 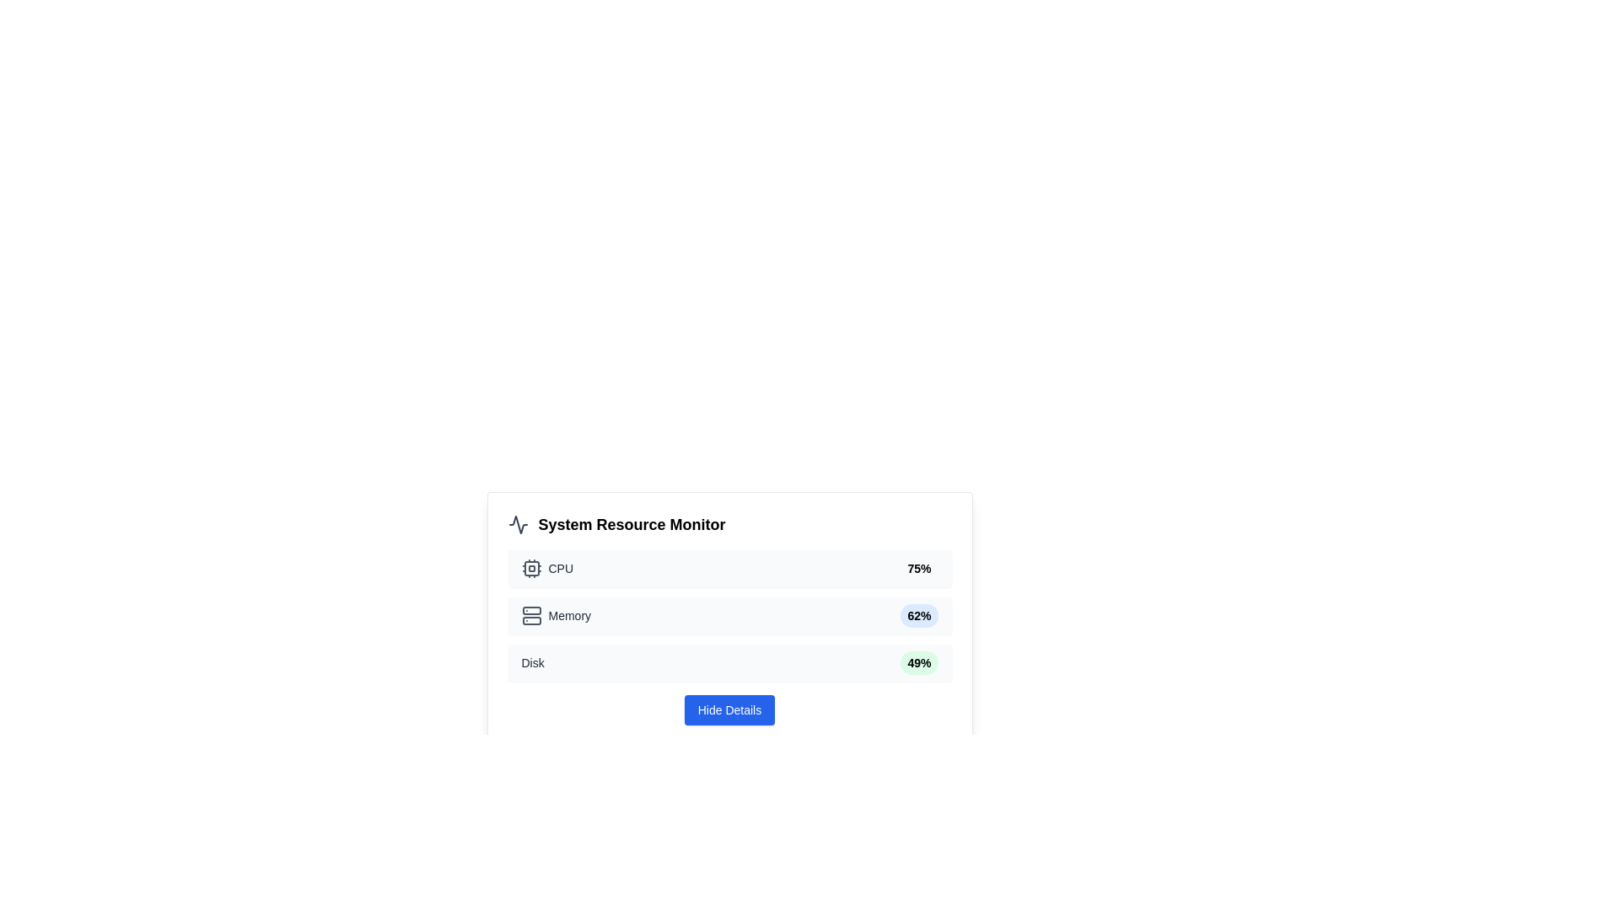 I want to click on the CPU resource section label and icon combination in the system monitor interface, which is located at the top of the resource usage statistics list, so click(x=547, y=569).